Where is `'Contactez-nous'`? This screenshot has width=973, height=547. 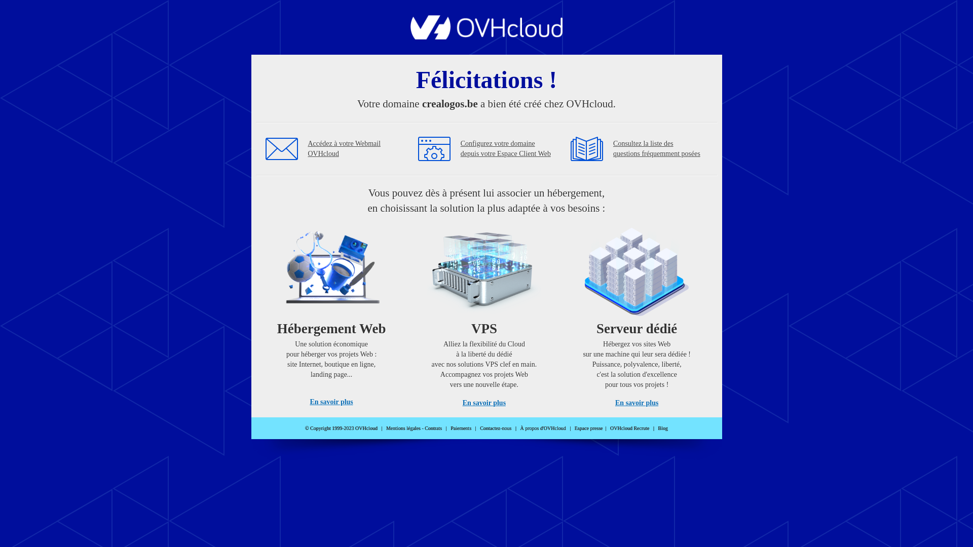
'Contactez-nous' is located at coordinates (496, 428).